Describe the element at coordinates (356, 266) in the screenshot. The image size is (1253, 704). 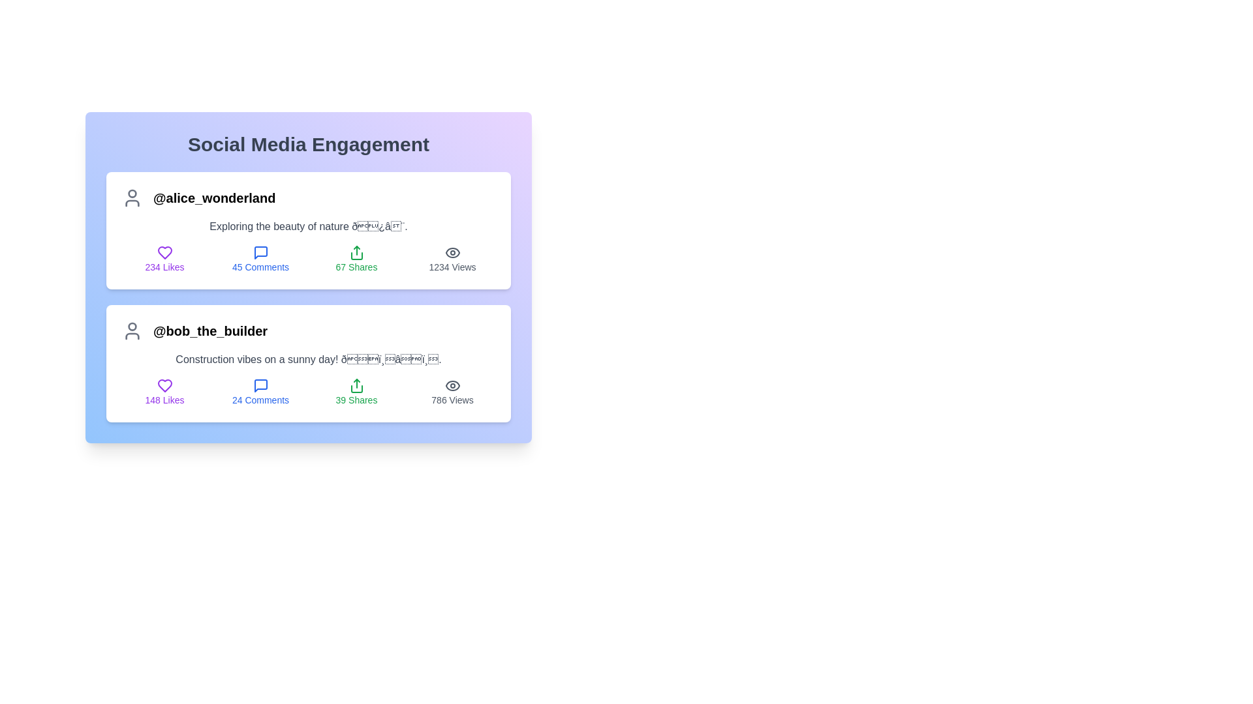
I see `the informational text label displaying the share count for the post by '@alice_wonderland', located below the share icon and between '45 Comments' and '1234 Views'` at that location.